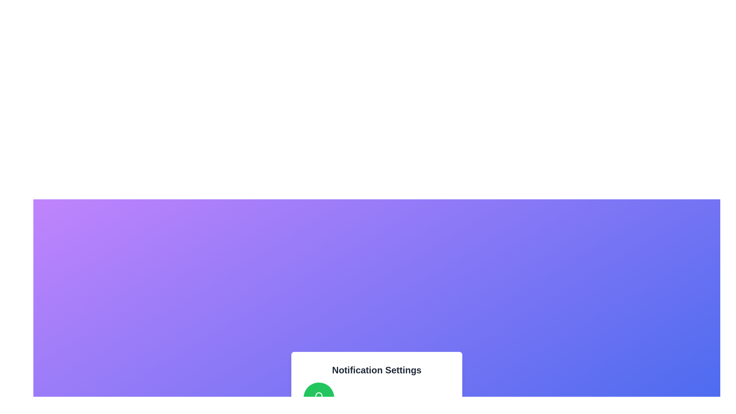 Image resolution: width=736 pixels, height=414 pixels. I want to click on notification toggle button to change its state, so click(319, 397).